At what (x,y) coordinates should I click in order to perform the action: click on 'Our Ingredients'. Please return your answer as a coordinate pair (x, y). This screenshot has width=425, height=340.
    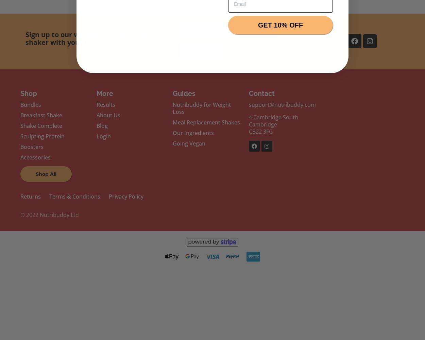
    Looking at the image, I should click on (192, 133).